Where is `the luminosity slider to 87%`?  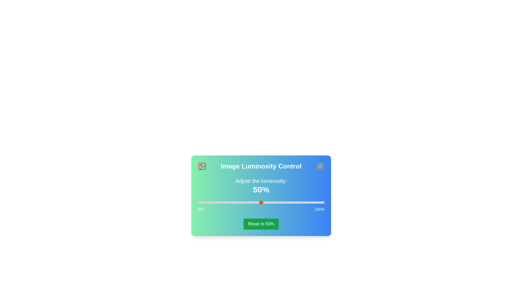 the luminosity slider to 87% is located at coordinates (308, 203).